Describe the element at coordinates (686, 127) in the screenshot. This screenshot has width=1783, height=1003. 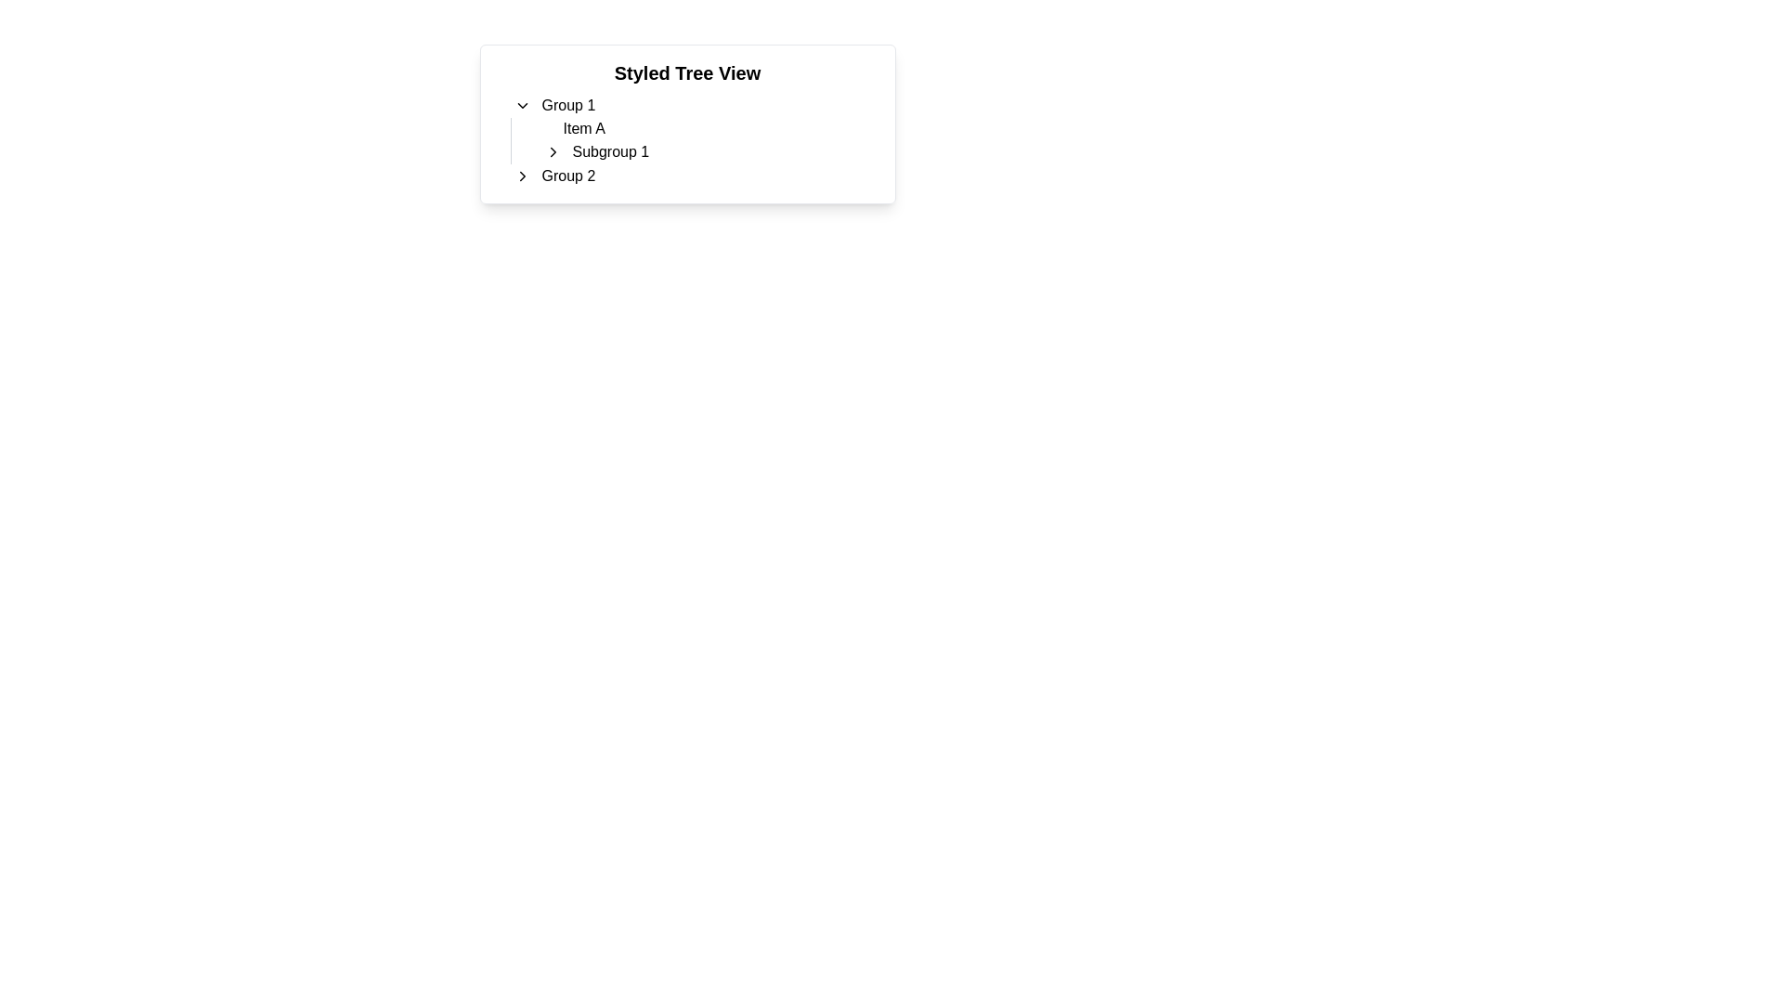
I see `the Tree Node labeled 'Group 1', 'Item A', and 'Subgroup 1', which is the first element in the hierarchical listing interface` at that location.